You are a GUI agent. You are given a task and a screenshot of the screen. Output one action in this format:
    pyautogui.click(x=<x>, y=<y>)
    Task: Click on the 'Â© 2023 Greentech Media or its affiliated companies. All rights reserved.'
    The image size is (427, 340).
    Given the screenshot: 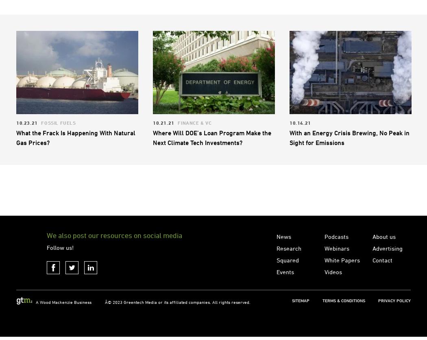 What is the action you would take?
    pyautogui.click(x=105, y=334)
    